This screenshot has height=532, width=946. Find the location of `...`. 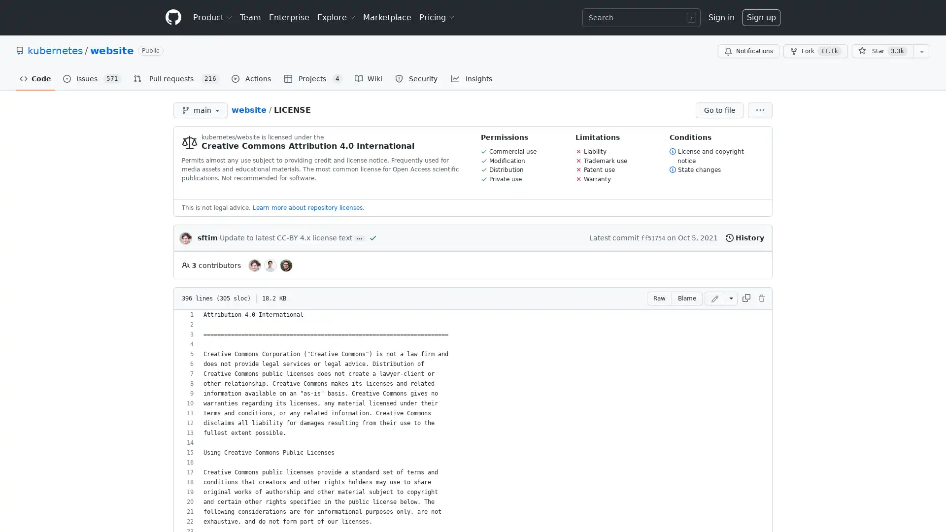

... is located at coordinates (359, 238).